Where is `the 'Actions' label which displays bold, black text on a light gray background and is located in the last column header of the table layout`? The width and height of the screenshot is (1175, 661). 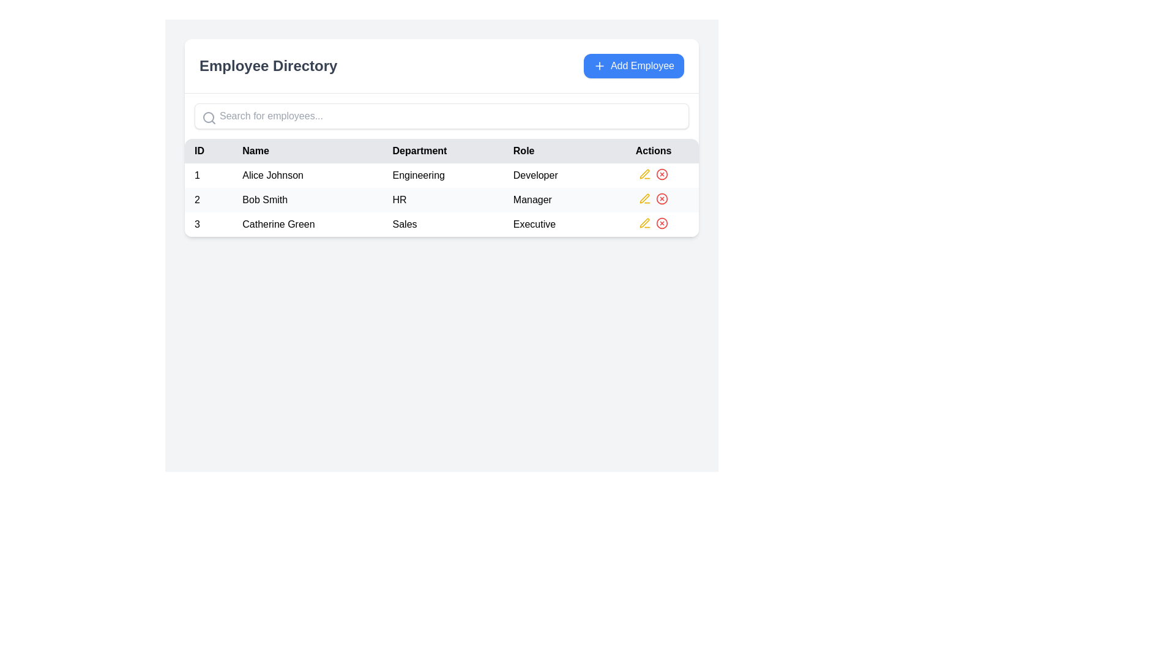 the 'Actions' label which displays bold, black text on a light gray background and is located in the last column header of the table layout is located at coordinates (653, 150).